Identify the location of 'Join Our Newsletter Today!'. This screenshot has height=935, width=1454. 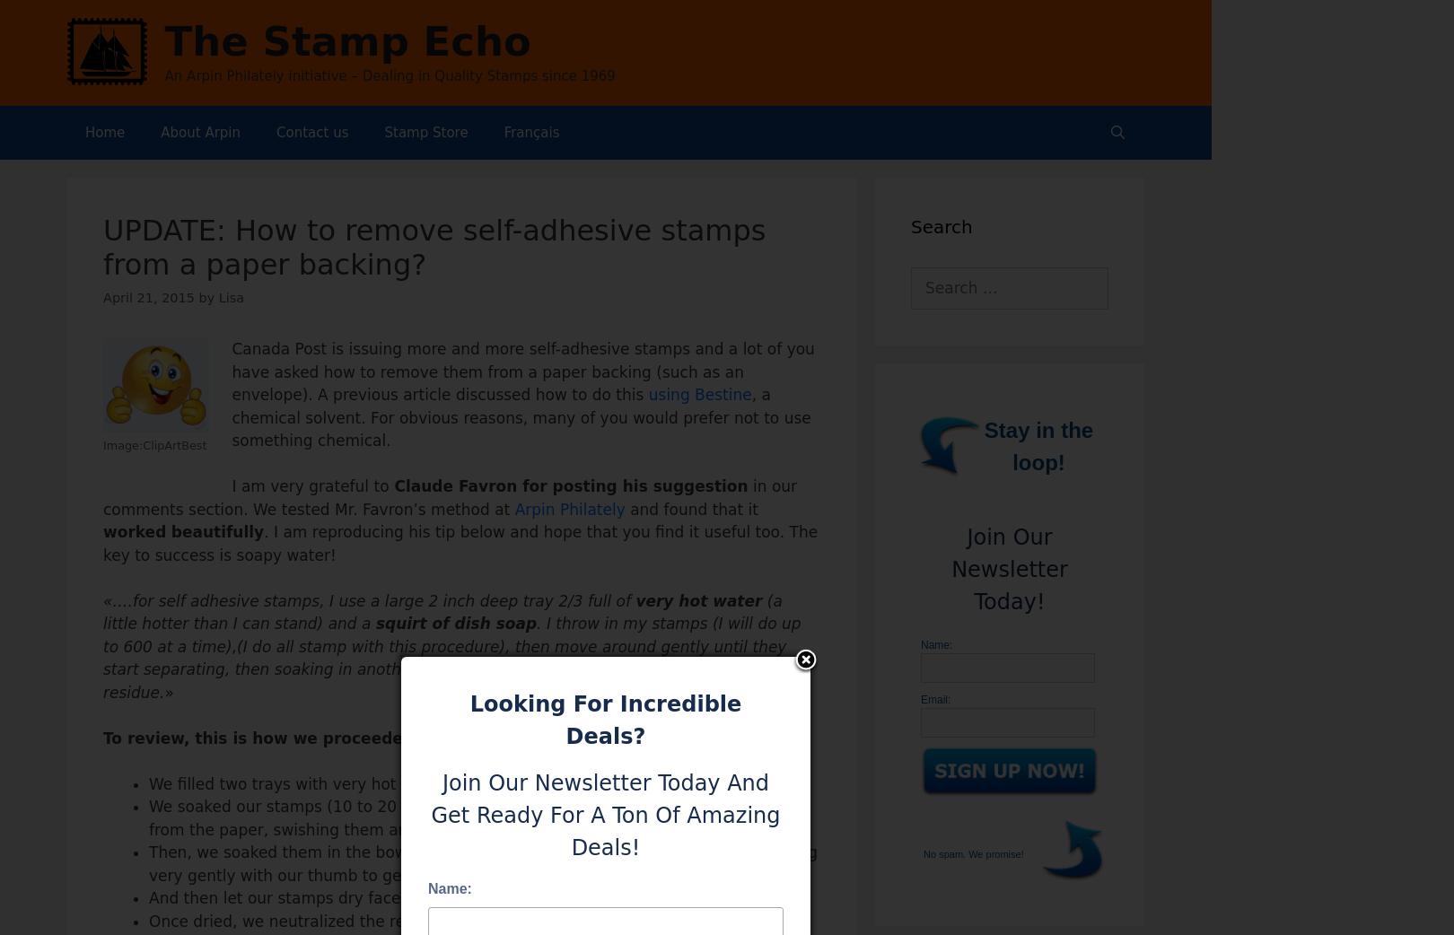
(1008, 569).